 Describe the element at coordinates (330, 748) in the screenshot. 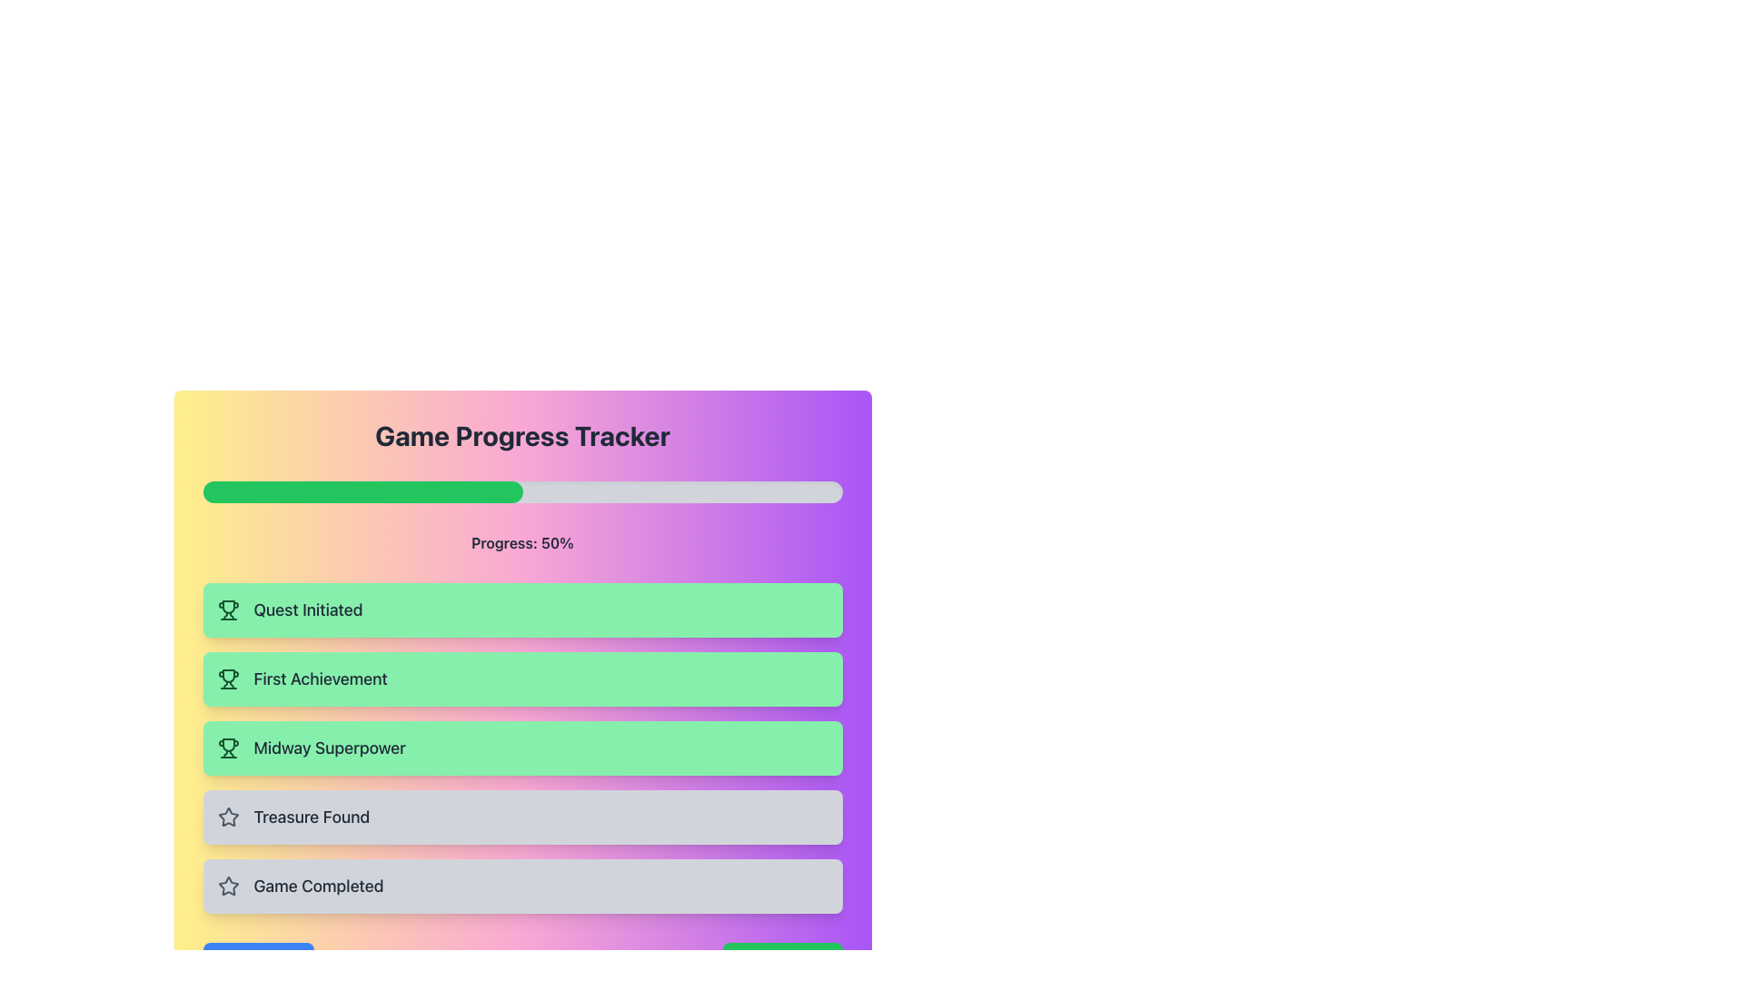

I see `the text content displaying 'Midway Superpower' located within the green rectangular card, which is the third card in a vertical list, positioned to the right of the trophy icon` at that location.